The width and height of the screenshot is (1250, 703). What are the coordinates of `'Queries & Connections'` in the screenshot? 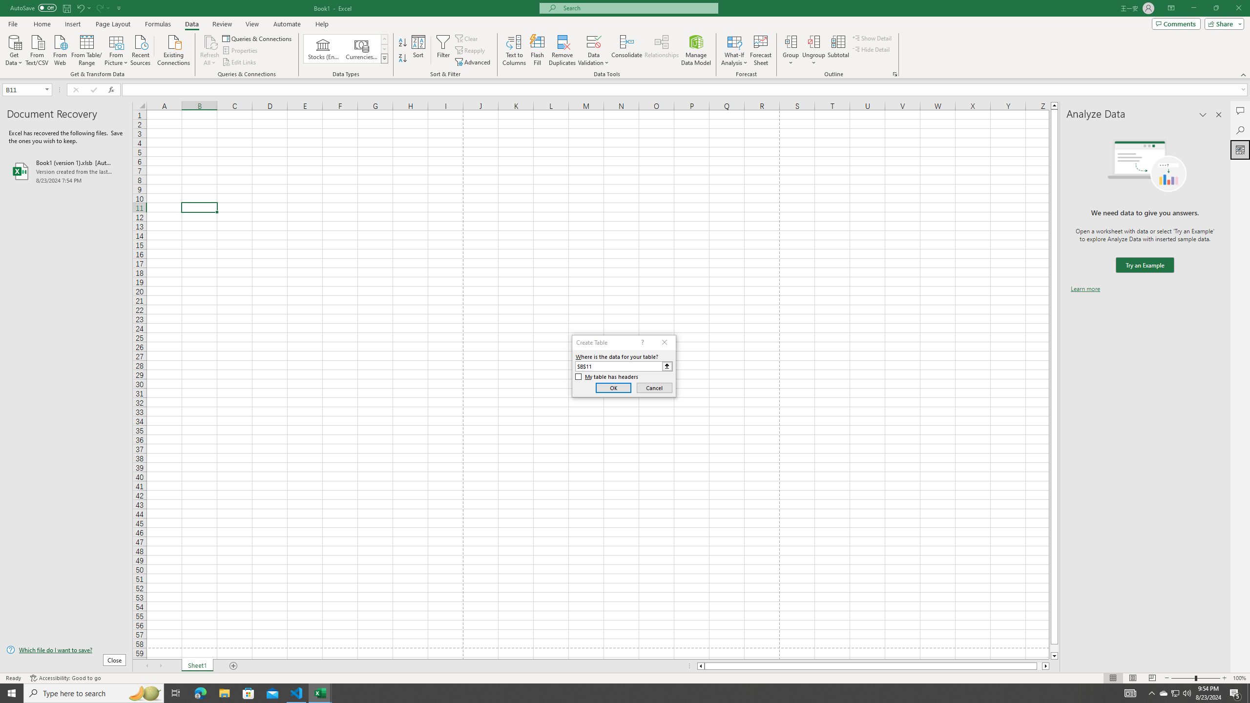 It's located at (257, 38).